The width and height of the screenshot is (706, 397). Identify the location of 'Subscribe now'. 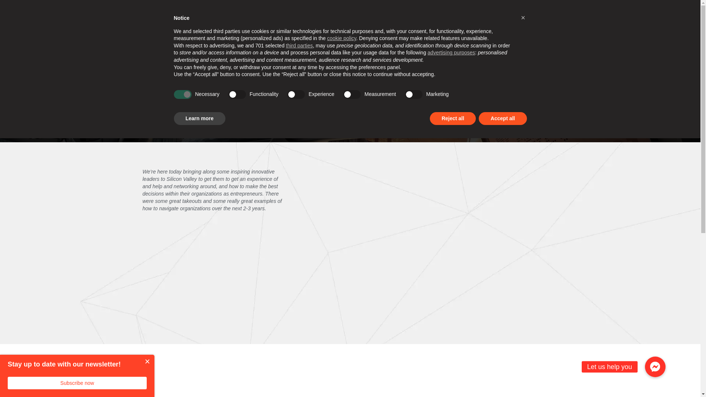
(77, 382).